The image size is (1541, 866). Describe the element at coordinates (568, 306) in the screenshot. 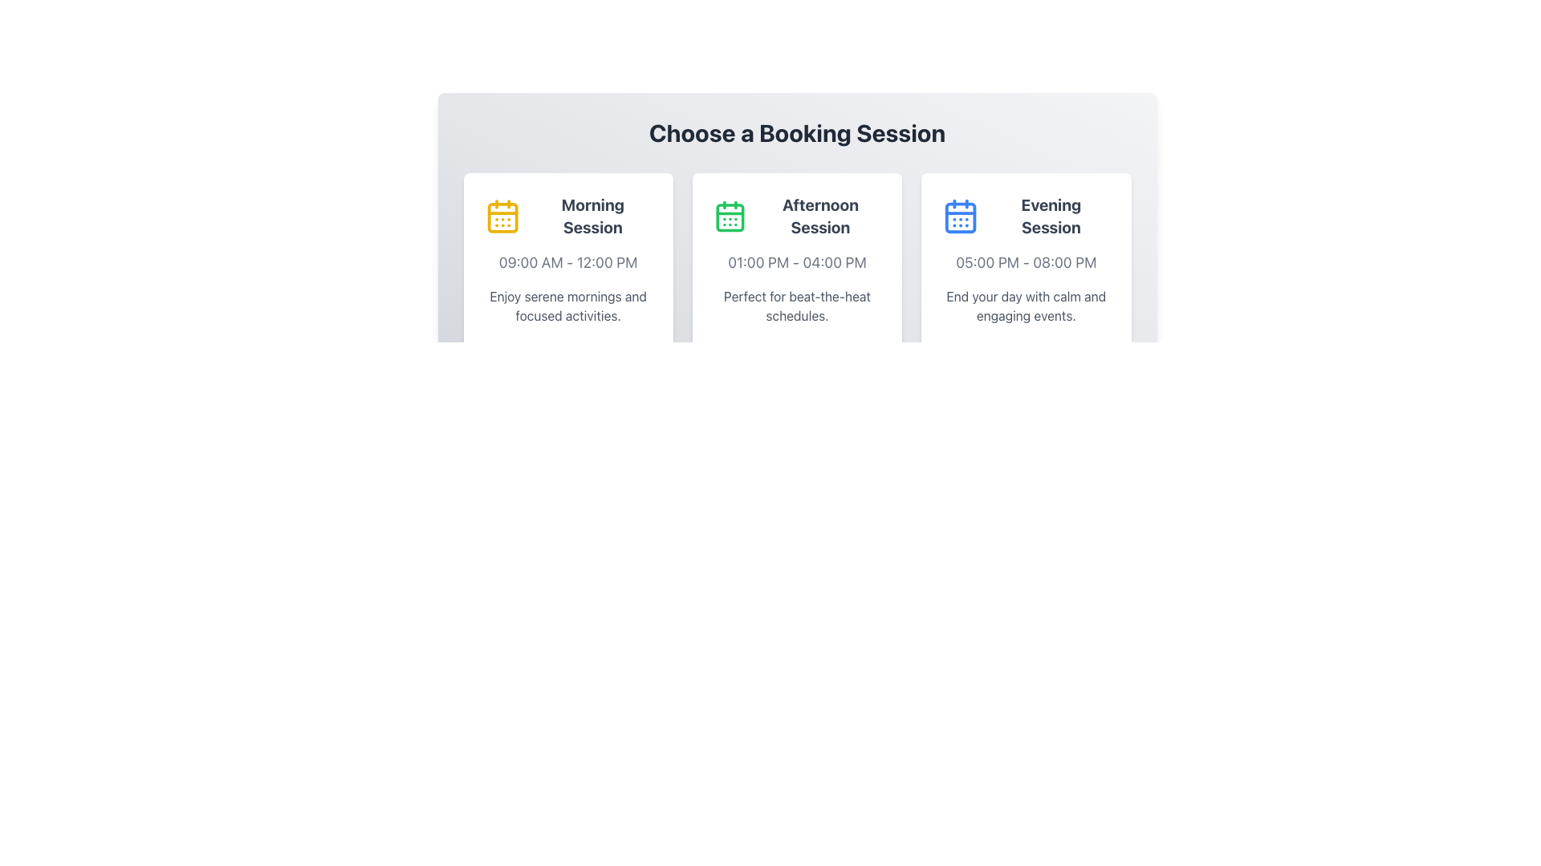

I see `the text component displaying 'Enjoy serene mornings and focused activities.' for additional actions` at that location.